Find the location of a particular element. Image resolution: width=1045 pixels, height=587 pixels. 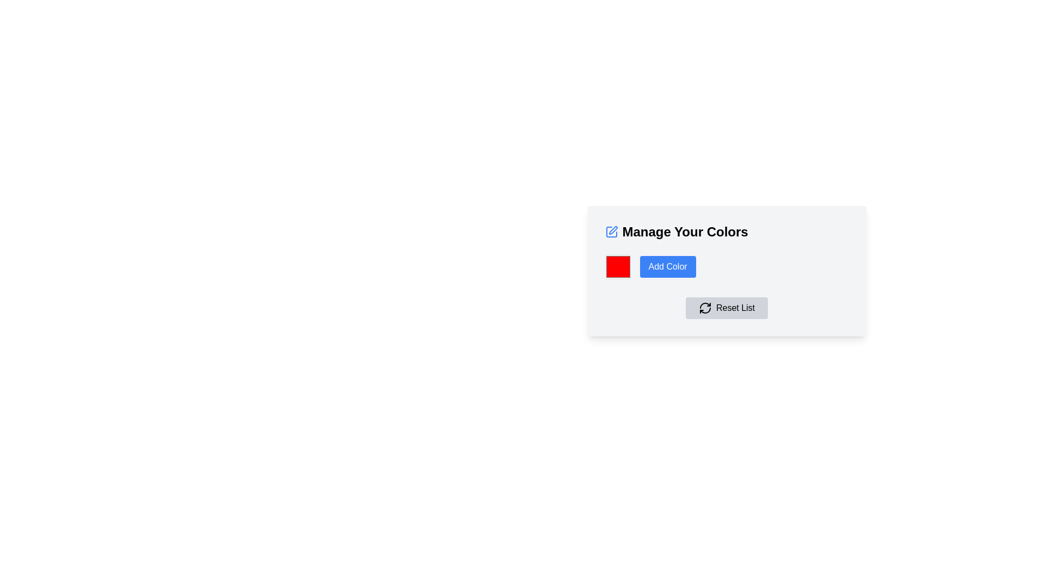

the small blue pen icon located to the far left side of the 'Manage Your Colors' title text is located at coordinates (611, 232).